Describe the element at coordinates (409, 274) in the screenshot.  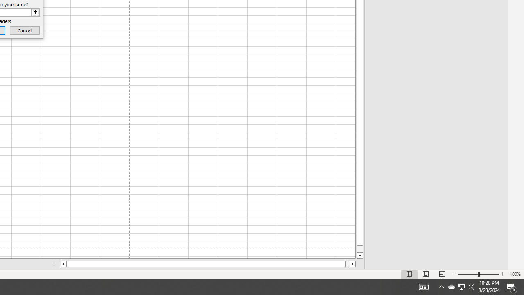
I see `'Normal'` at that location.